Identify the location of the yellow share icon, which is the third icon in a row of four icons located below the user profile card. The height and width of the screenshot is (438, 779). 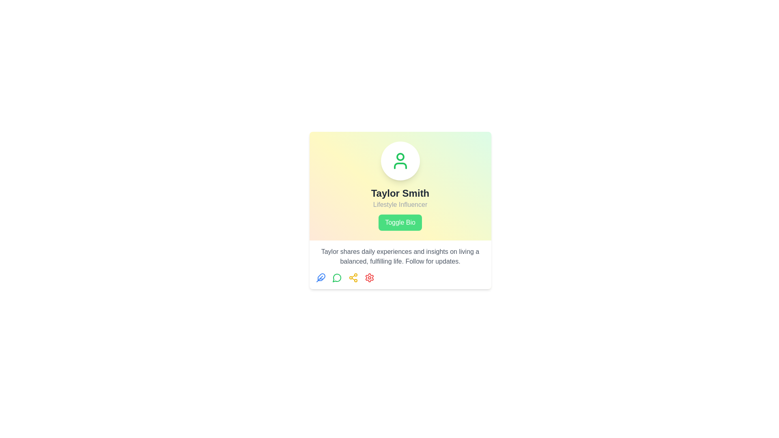
(353, 277).